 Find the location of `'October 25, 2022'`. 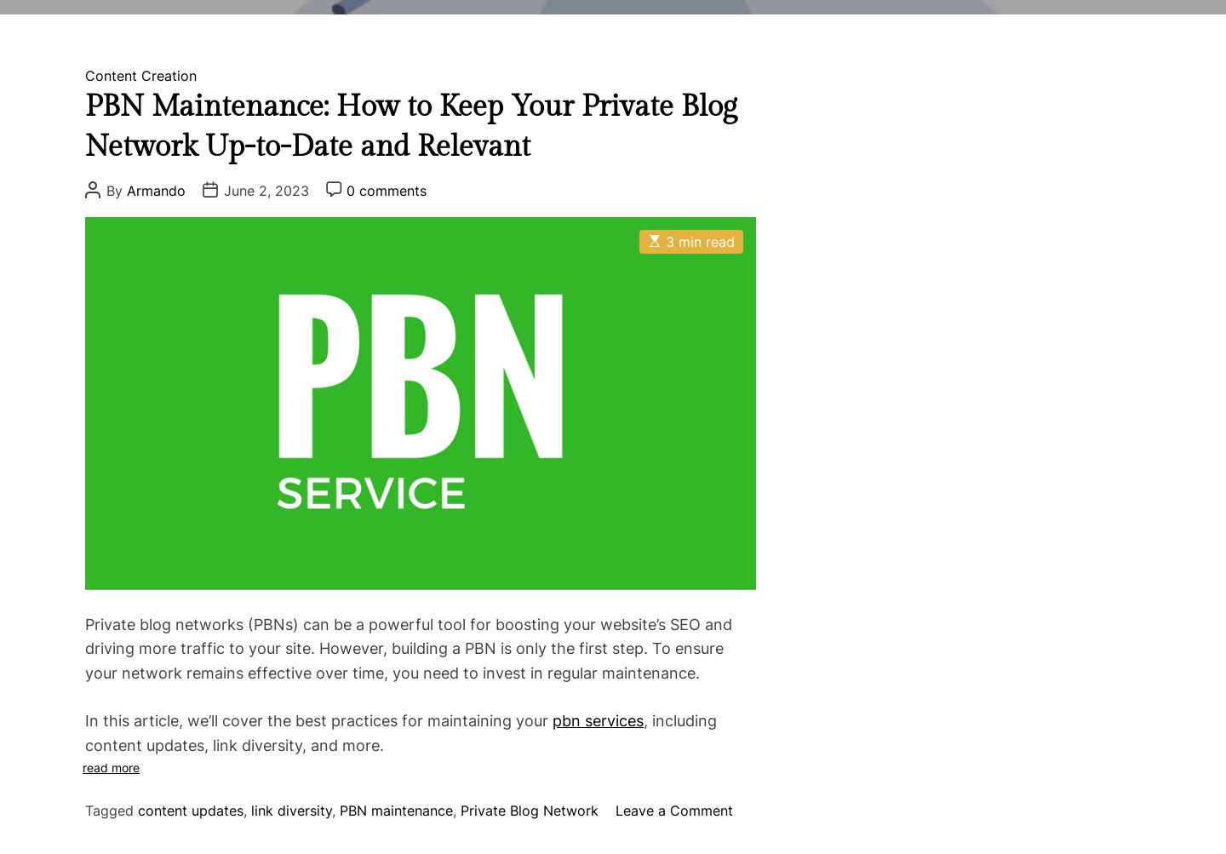

'October 25, 2022' is located at coordinates (931, 598).